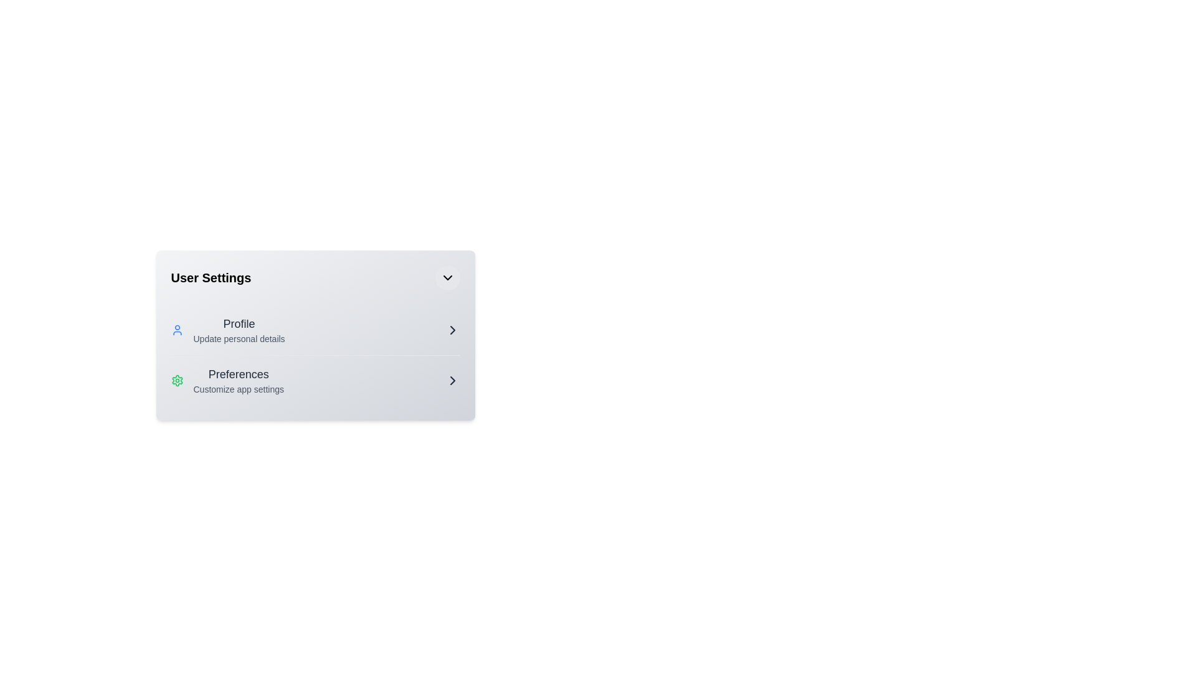  I want to click on the settings icon located to the left of the 'Preferences' text label, so click(176, 379).